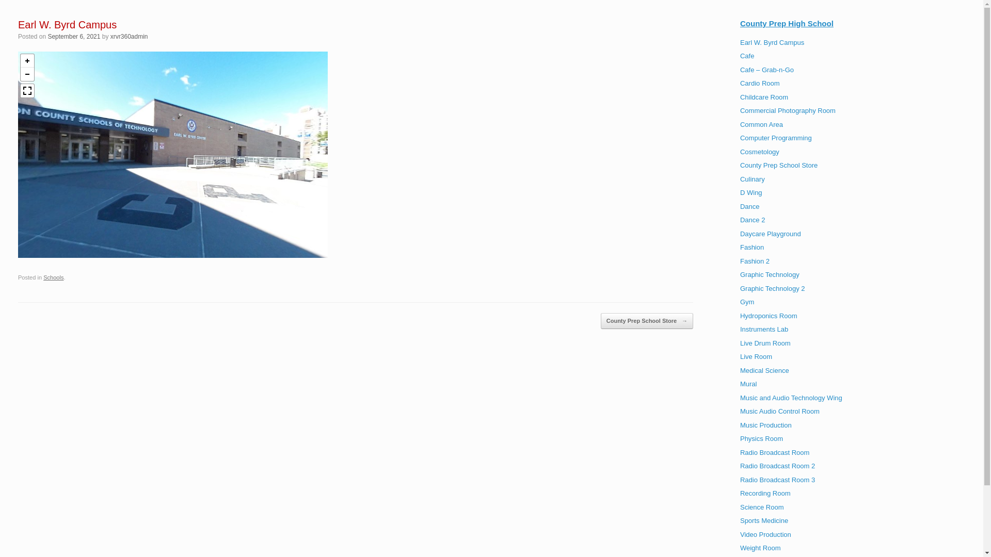 This screenshot has width=991, height=557. I want to click on 'Video Production', so click(740, 534).